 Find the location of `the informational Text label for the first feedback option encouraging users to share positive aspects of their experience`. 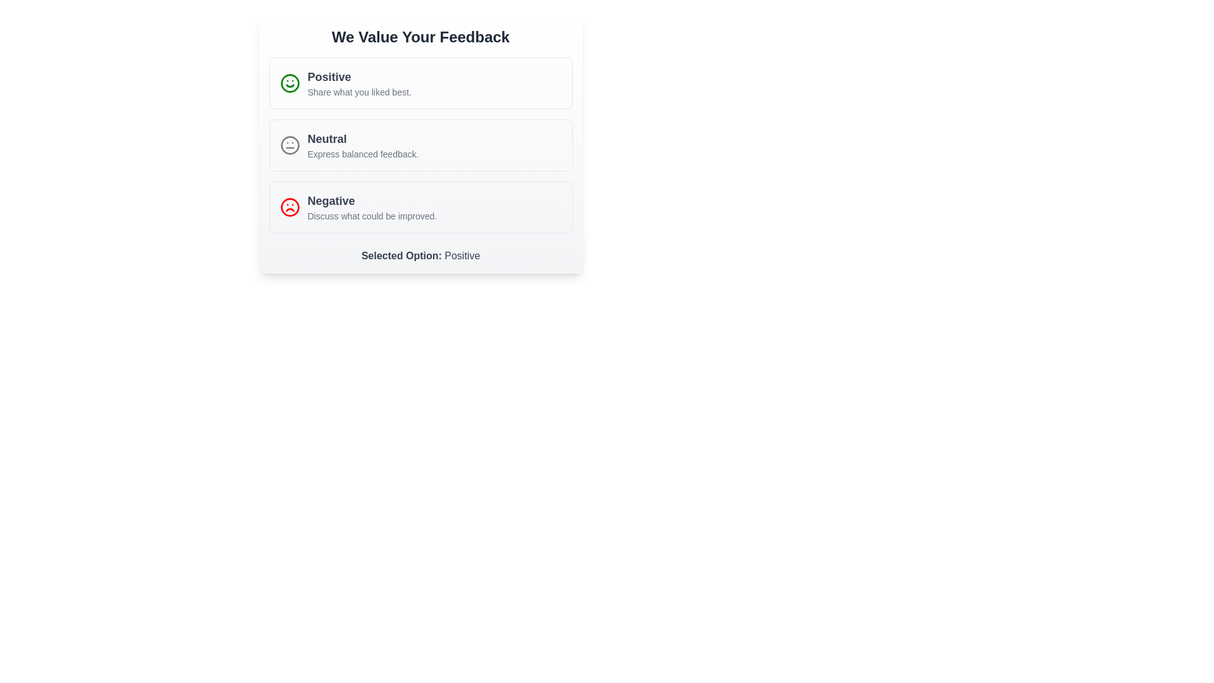

the informational Text label for the first feedback option encouraging users to share positive aspects of their experience is located at coordinates (359, 83).